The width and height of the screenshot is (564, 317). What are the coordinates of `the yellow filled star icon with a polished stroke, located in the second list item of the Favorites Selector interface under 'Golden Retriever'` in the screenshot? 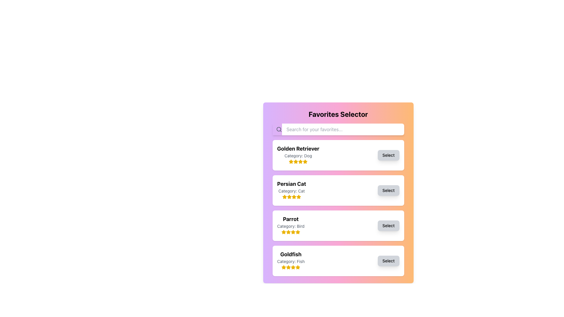 It's located at (291, 161).